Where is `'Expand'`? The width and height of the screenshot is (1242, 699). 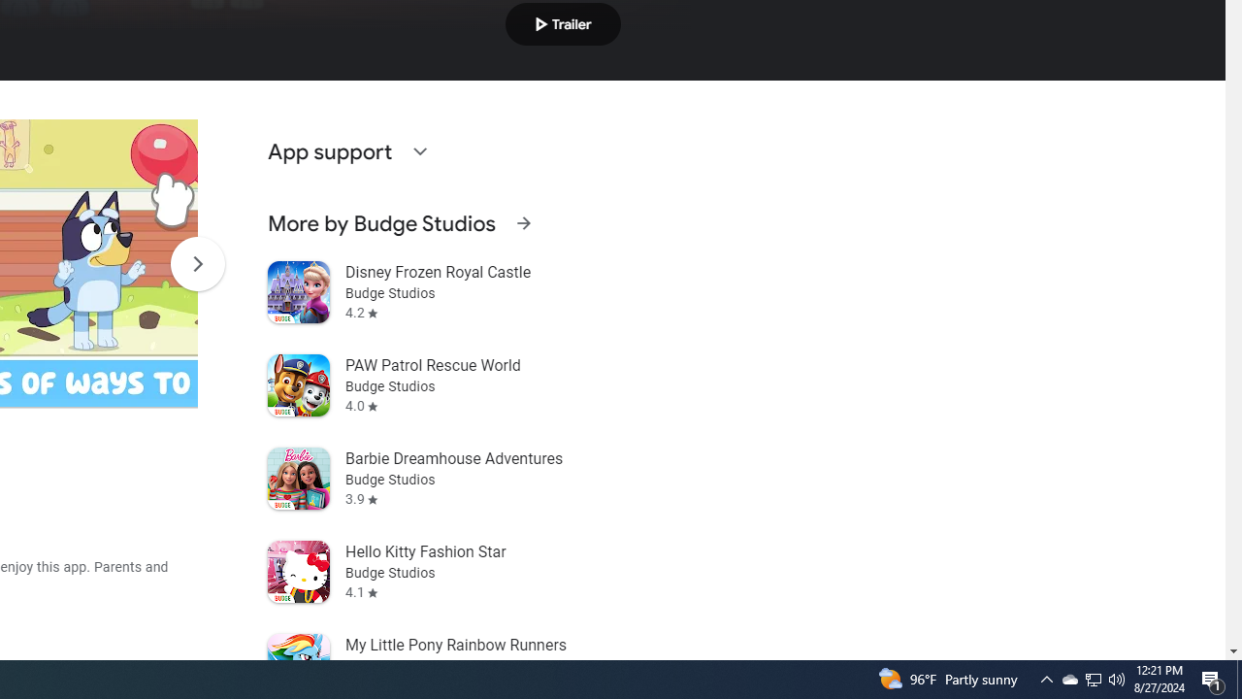
'Expand' is located at coordinates (418, 150).